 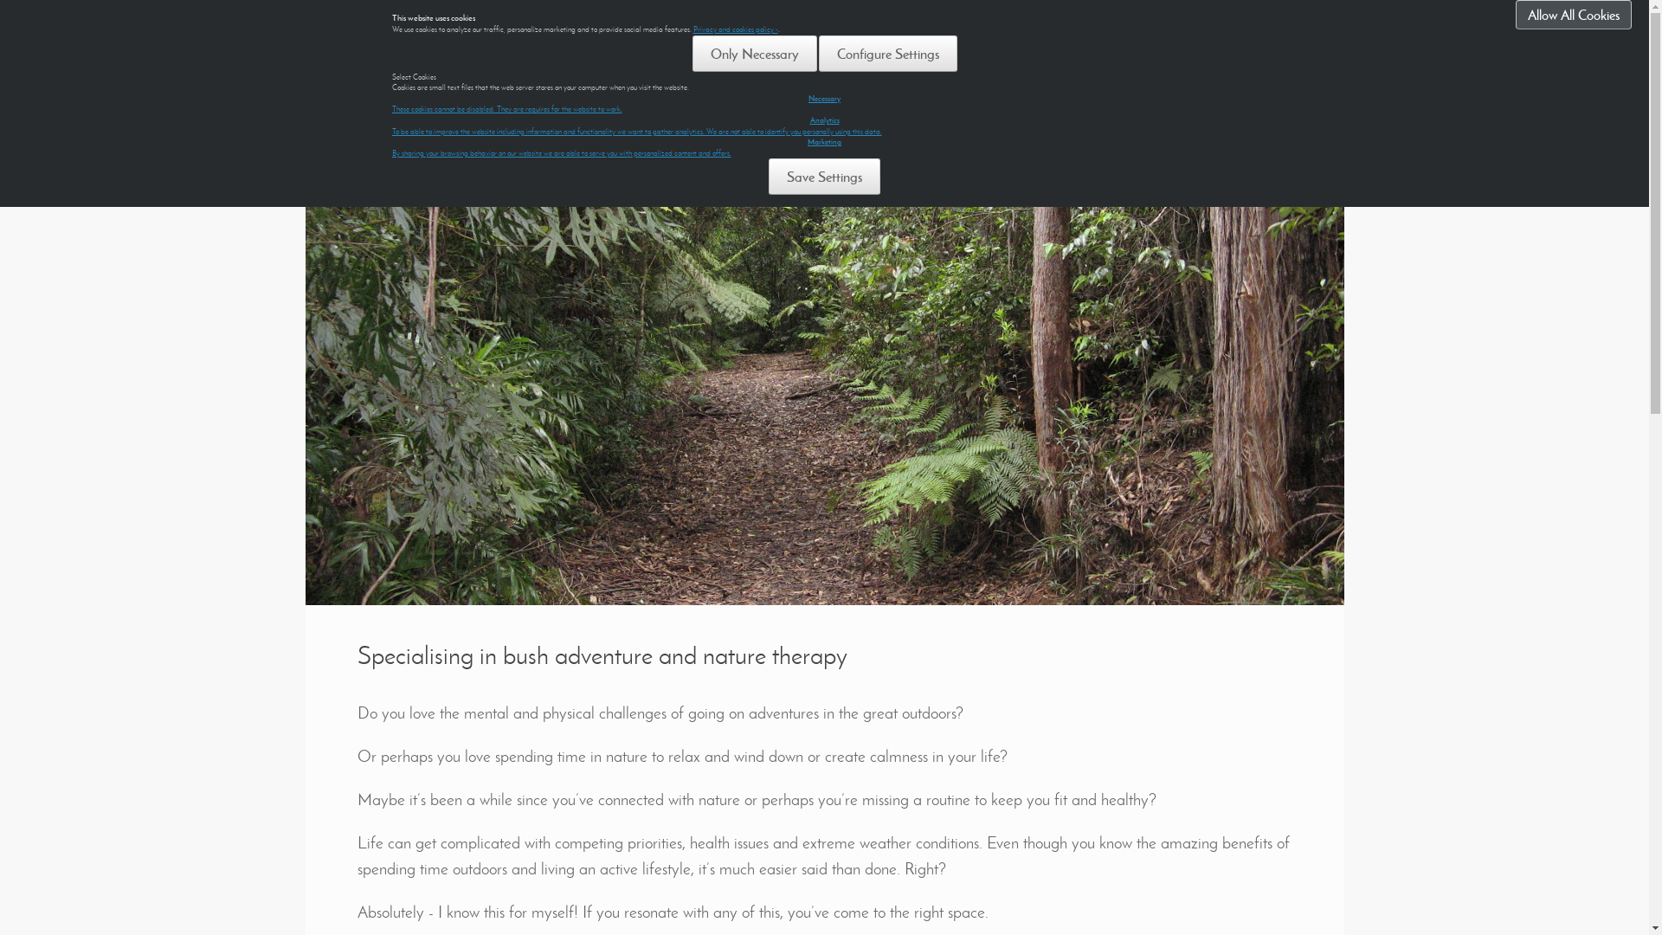 I want to click on 'Allow All Cookies', so click(x=1574, y=14).